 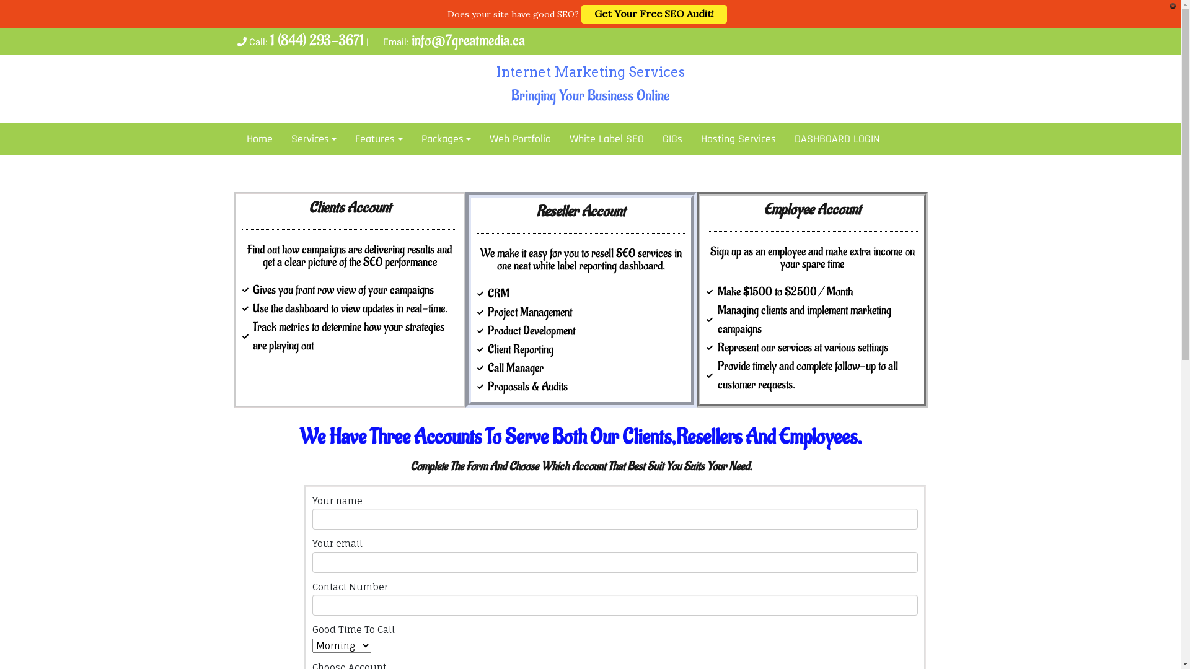 What do you see at coordinates (653, 139) in the screenshot?
I see `'GIGs'` at bounding box center [653, 139].